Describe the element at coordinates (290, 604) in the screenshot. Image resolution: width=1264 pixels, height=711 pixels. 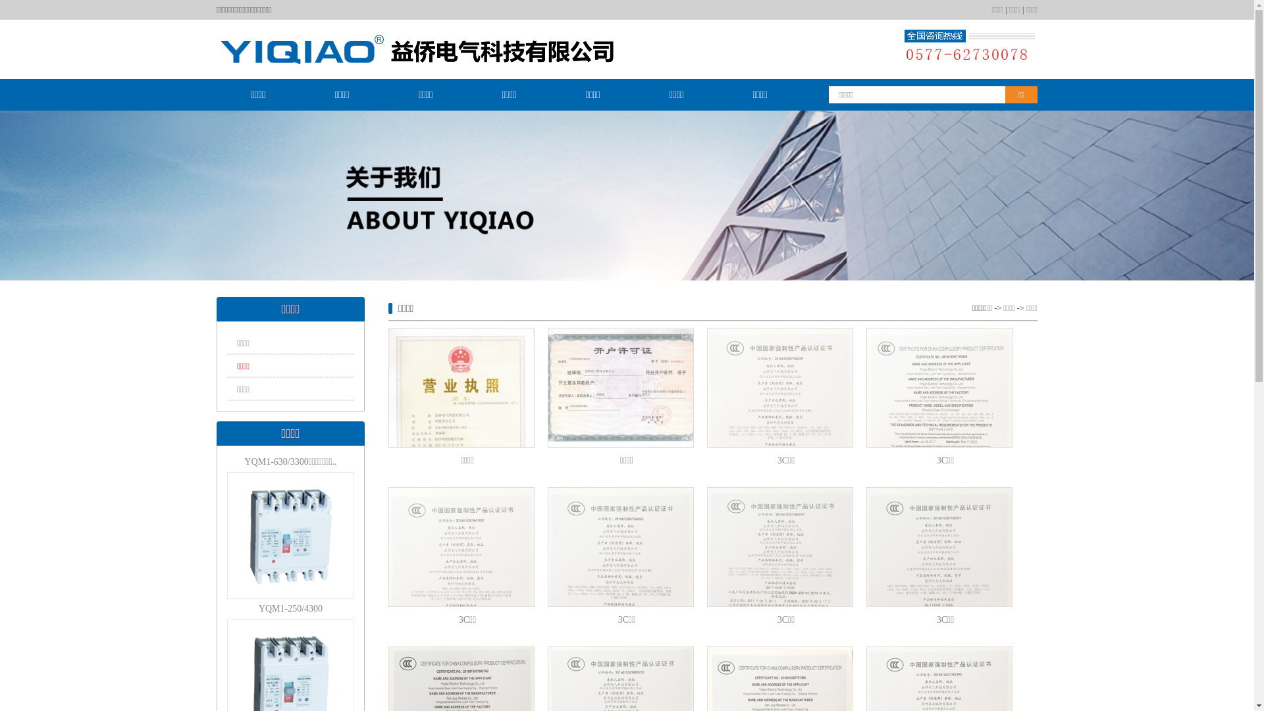
I see `'YQM1-250/4300'` at that location.